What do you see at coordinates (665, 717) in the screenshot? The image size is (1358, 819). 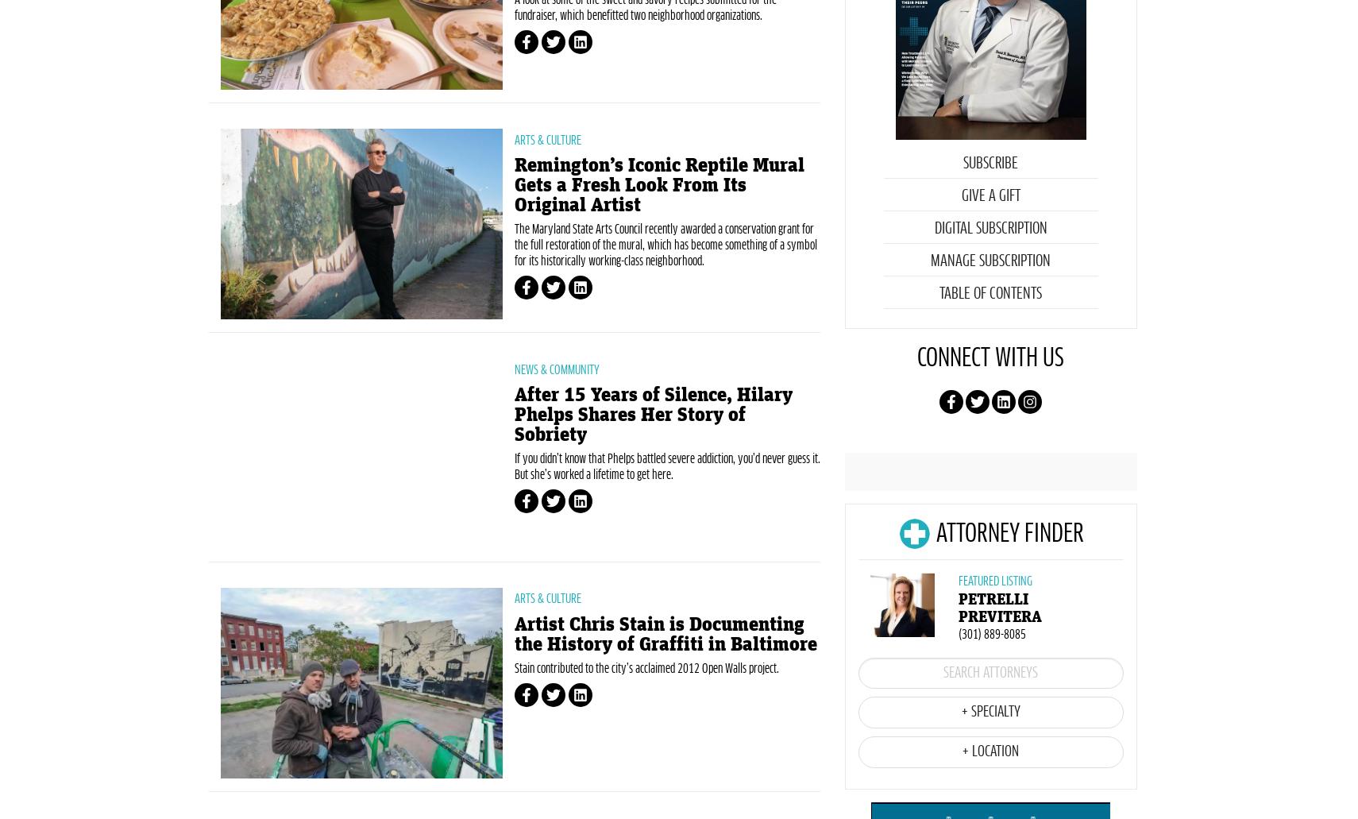 I see `'Artist Chris Stain is Documenting the History of Graffiti in Baltimore'` at bounding box center [665, 717].